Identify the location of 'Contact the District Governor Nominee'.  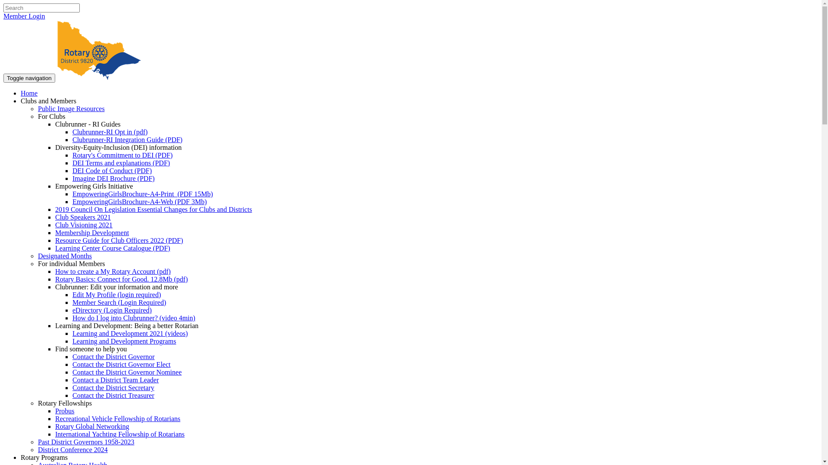
(72, 372).